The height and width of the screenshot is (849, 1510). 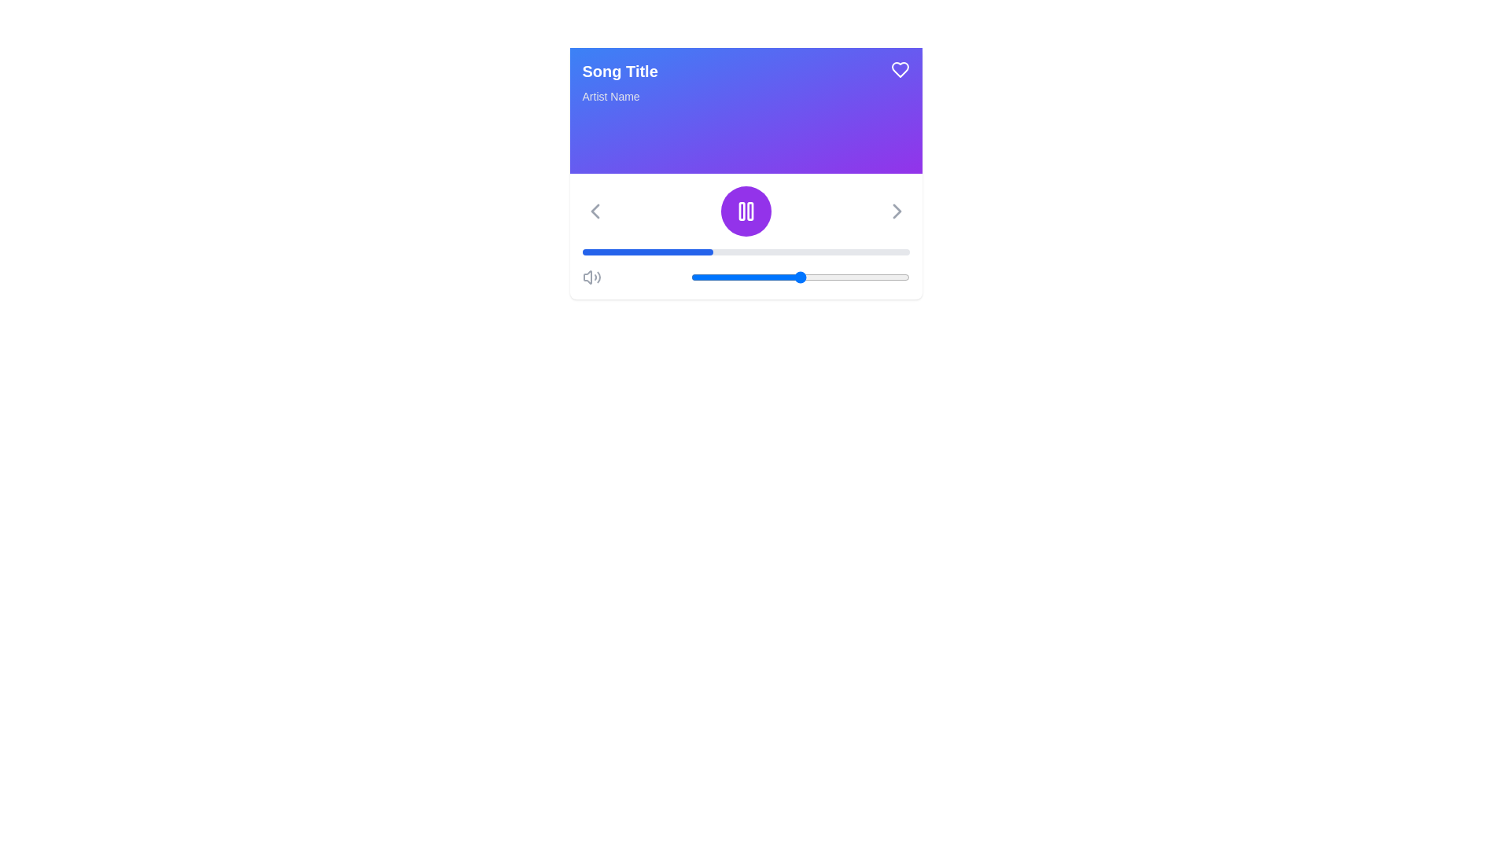 What do you see at coordinates (903, 277) in the screenshot?
I see `volume` at bounding box center [903, 277].